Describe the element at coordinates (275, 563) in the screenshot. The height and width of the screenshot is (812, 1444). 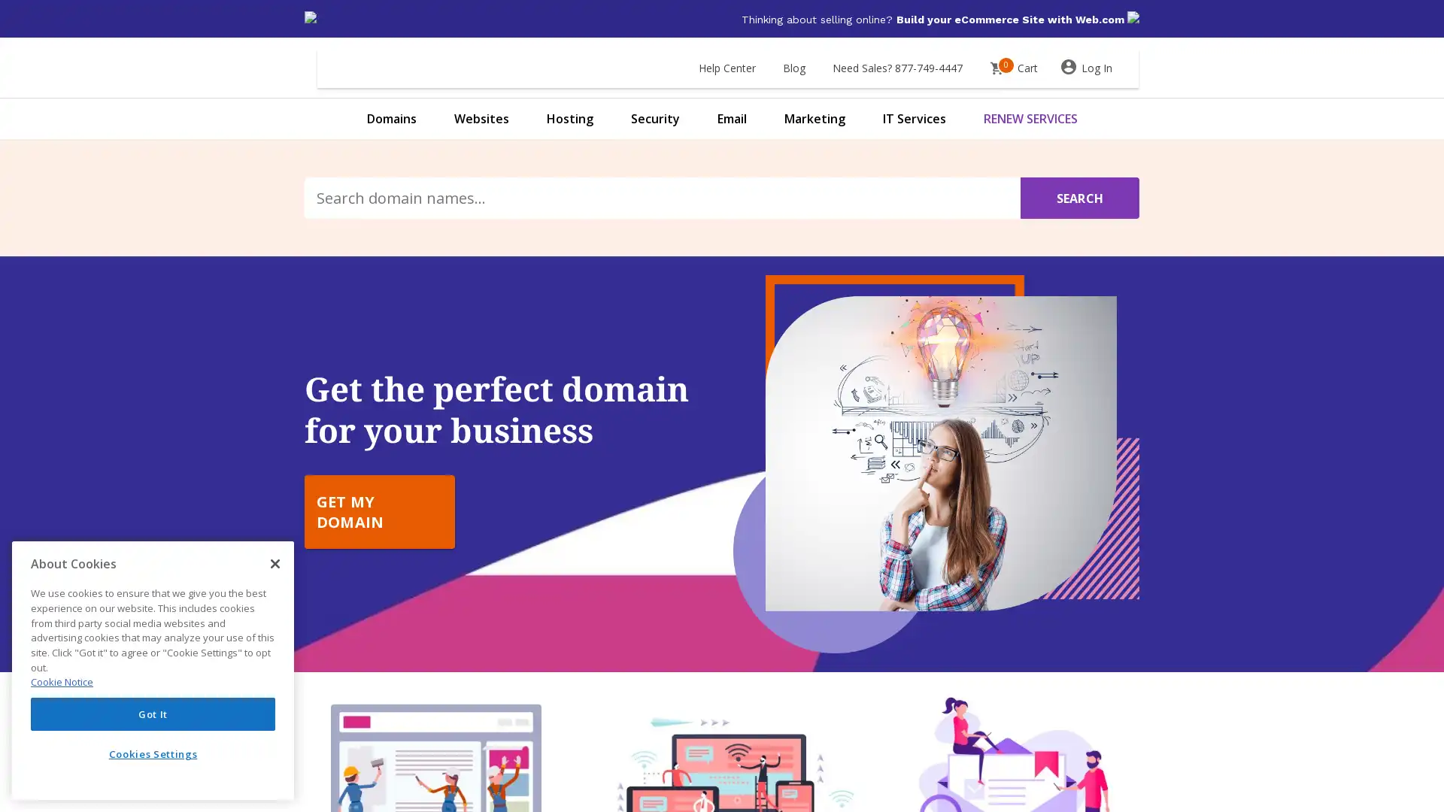
I see `Close` at that location.